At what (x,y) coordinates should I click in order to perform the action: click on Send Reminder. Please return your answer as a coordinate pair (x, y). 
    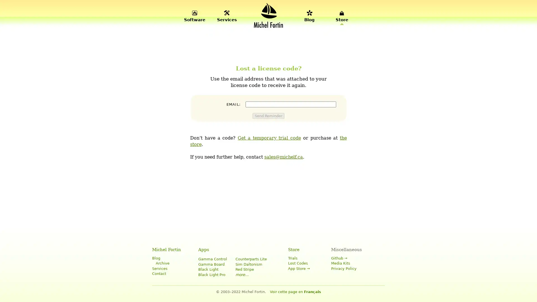
    Looking at the image, I should click on (268, 115).